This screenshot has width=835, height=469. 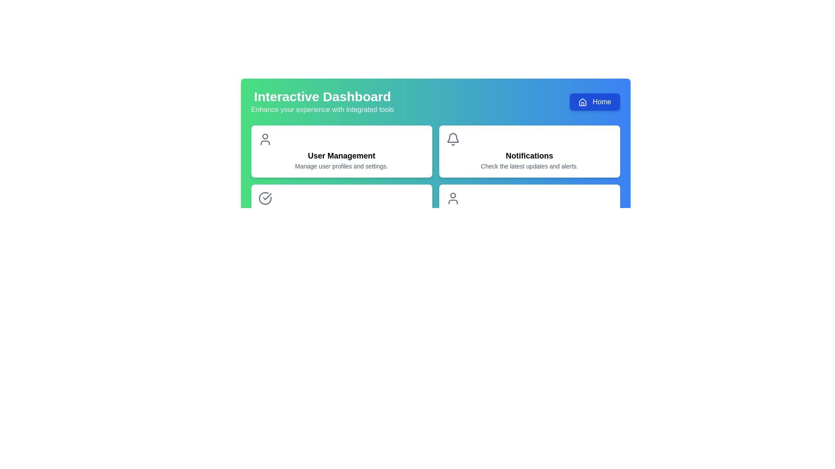 What do you see at coordinates (583, 102) in the screenshot?
I see `the stylized house-shaped icon within the 'Home' button for information` at bounding box center [583, 102].